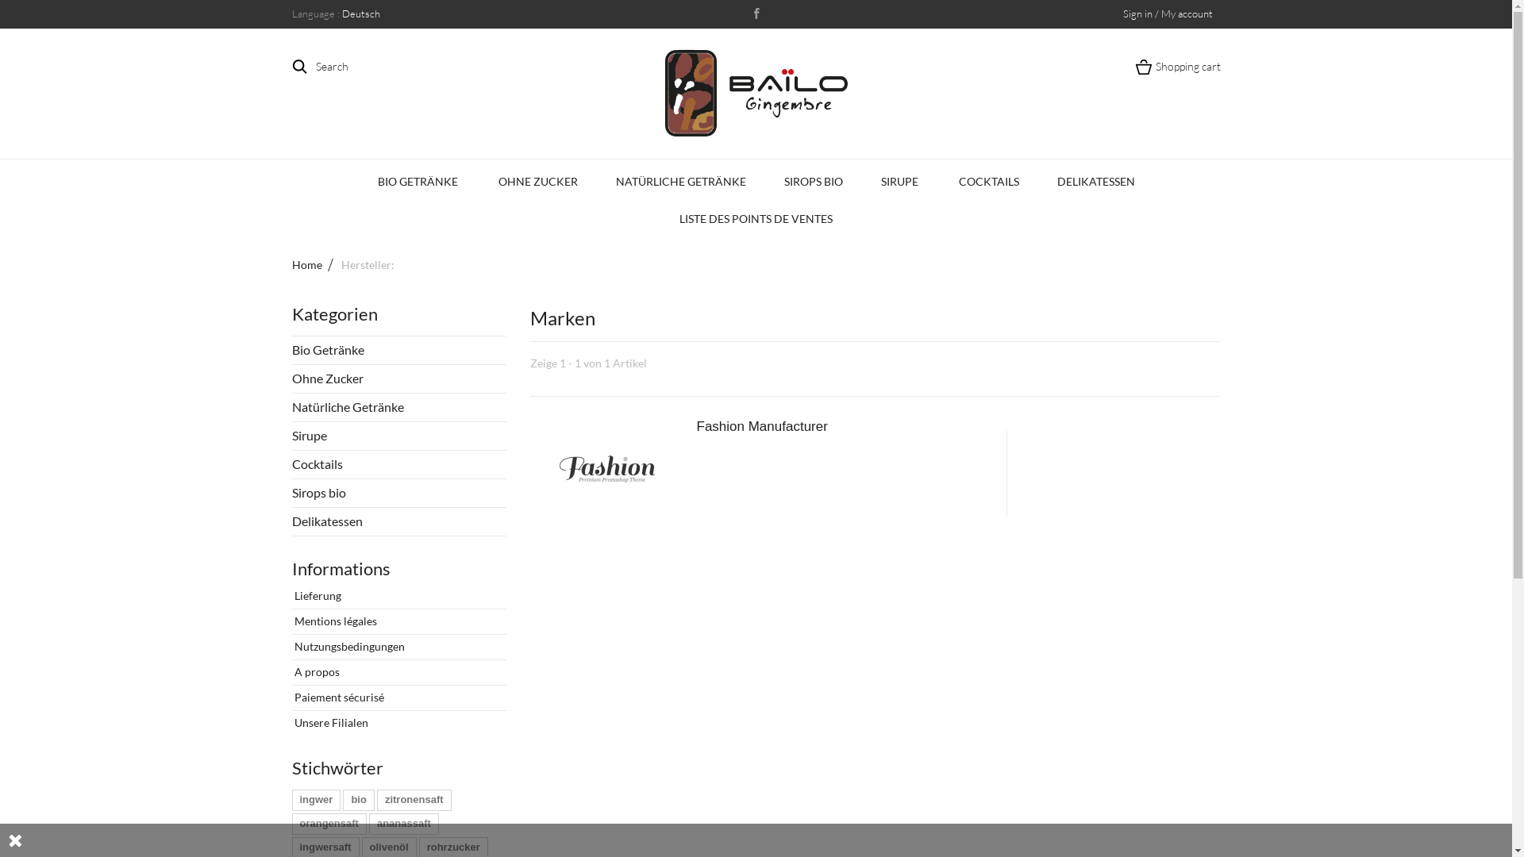 Image resolution: width=1524 pixels, height=857 pixels. Describe the element at coordinates (316, 595) in the screenshot. I see `'Lieferung'` at that location.